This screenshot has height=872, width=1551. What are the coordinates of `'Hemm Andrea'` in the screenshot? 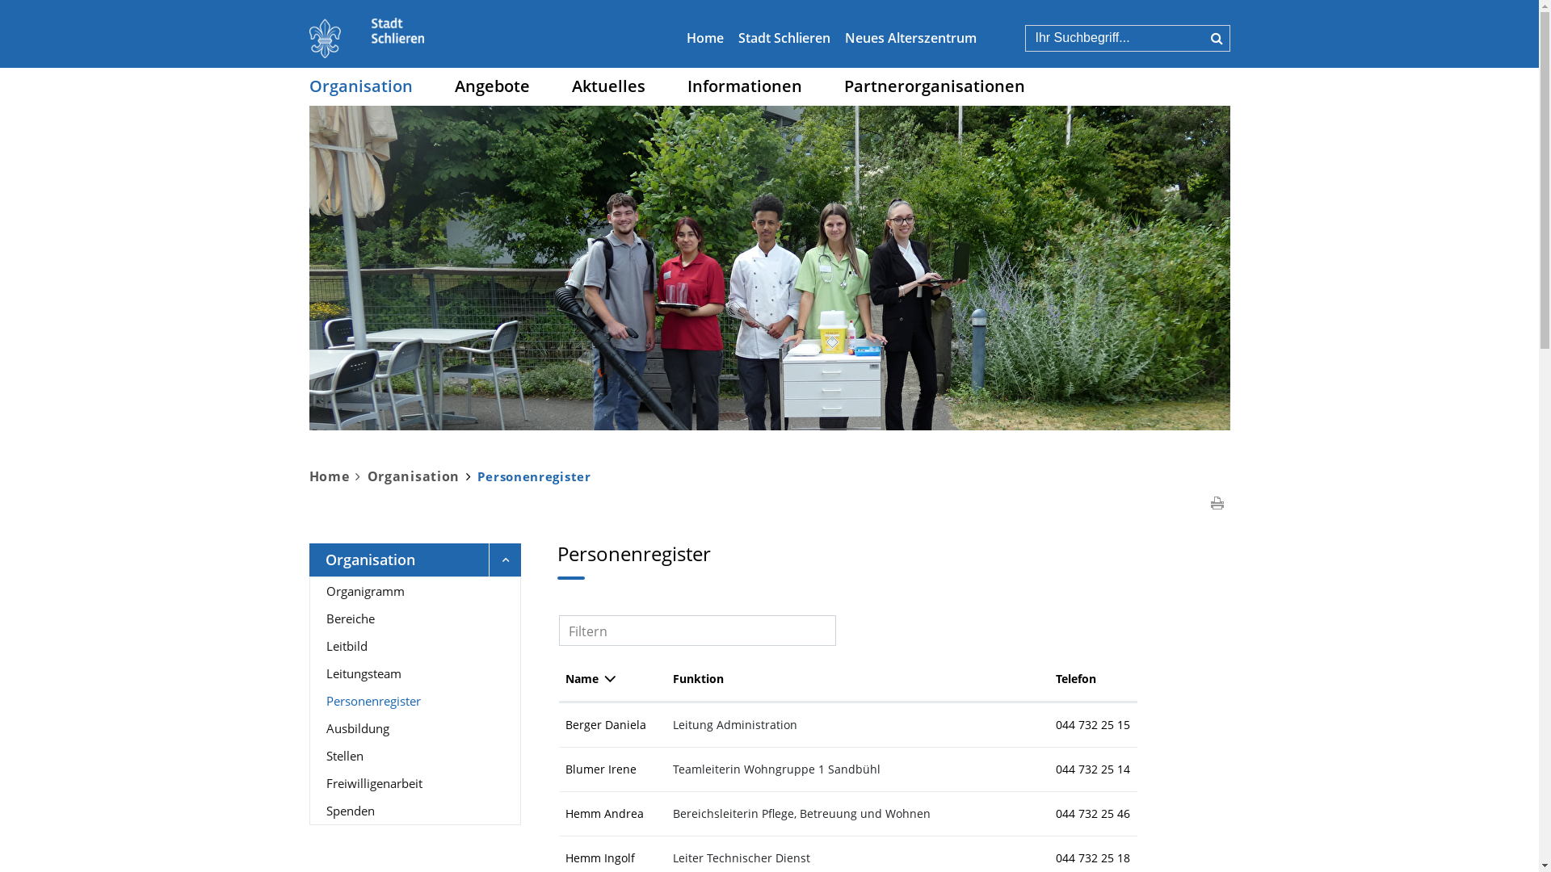 It's located at (565, 813).